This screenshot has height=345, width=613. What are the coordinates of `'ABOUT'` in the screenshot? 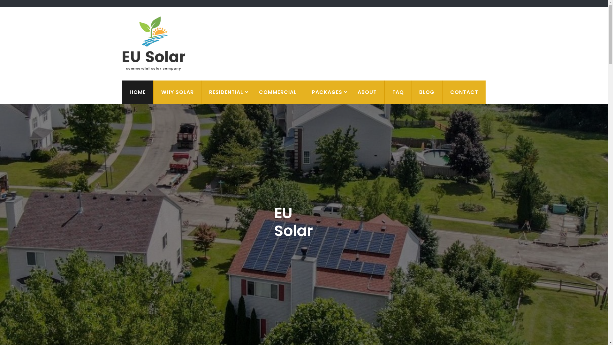 It's located at (367, 92).